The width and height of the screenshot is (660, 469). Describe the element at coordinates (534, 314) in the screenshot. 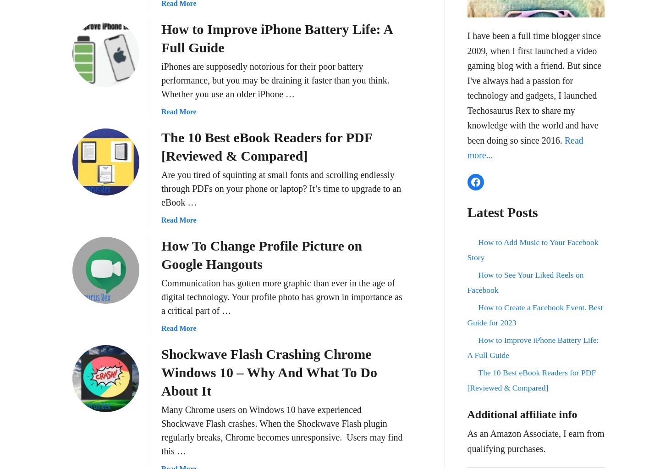

I see `'How to Create a Facebook Event. Best Guide for 2023'` at that location.